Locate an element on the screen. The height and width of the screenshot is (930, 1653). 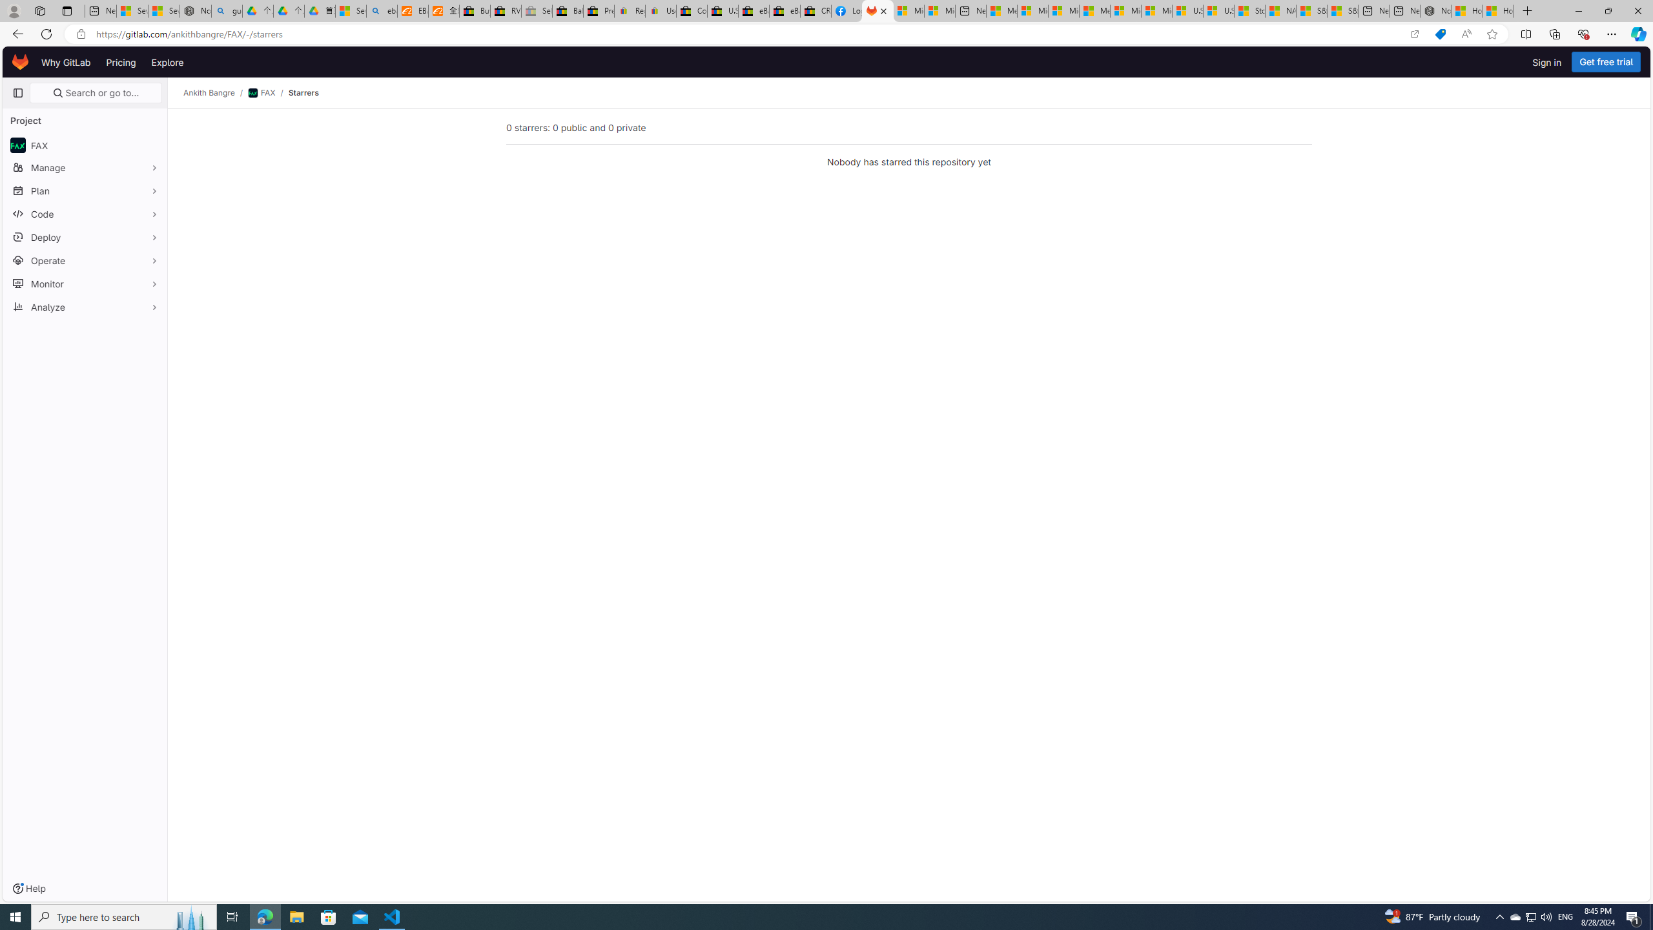
'Log into Facebook' is located at coordinates (847, 10).